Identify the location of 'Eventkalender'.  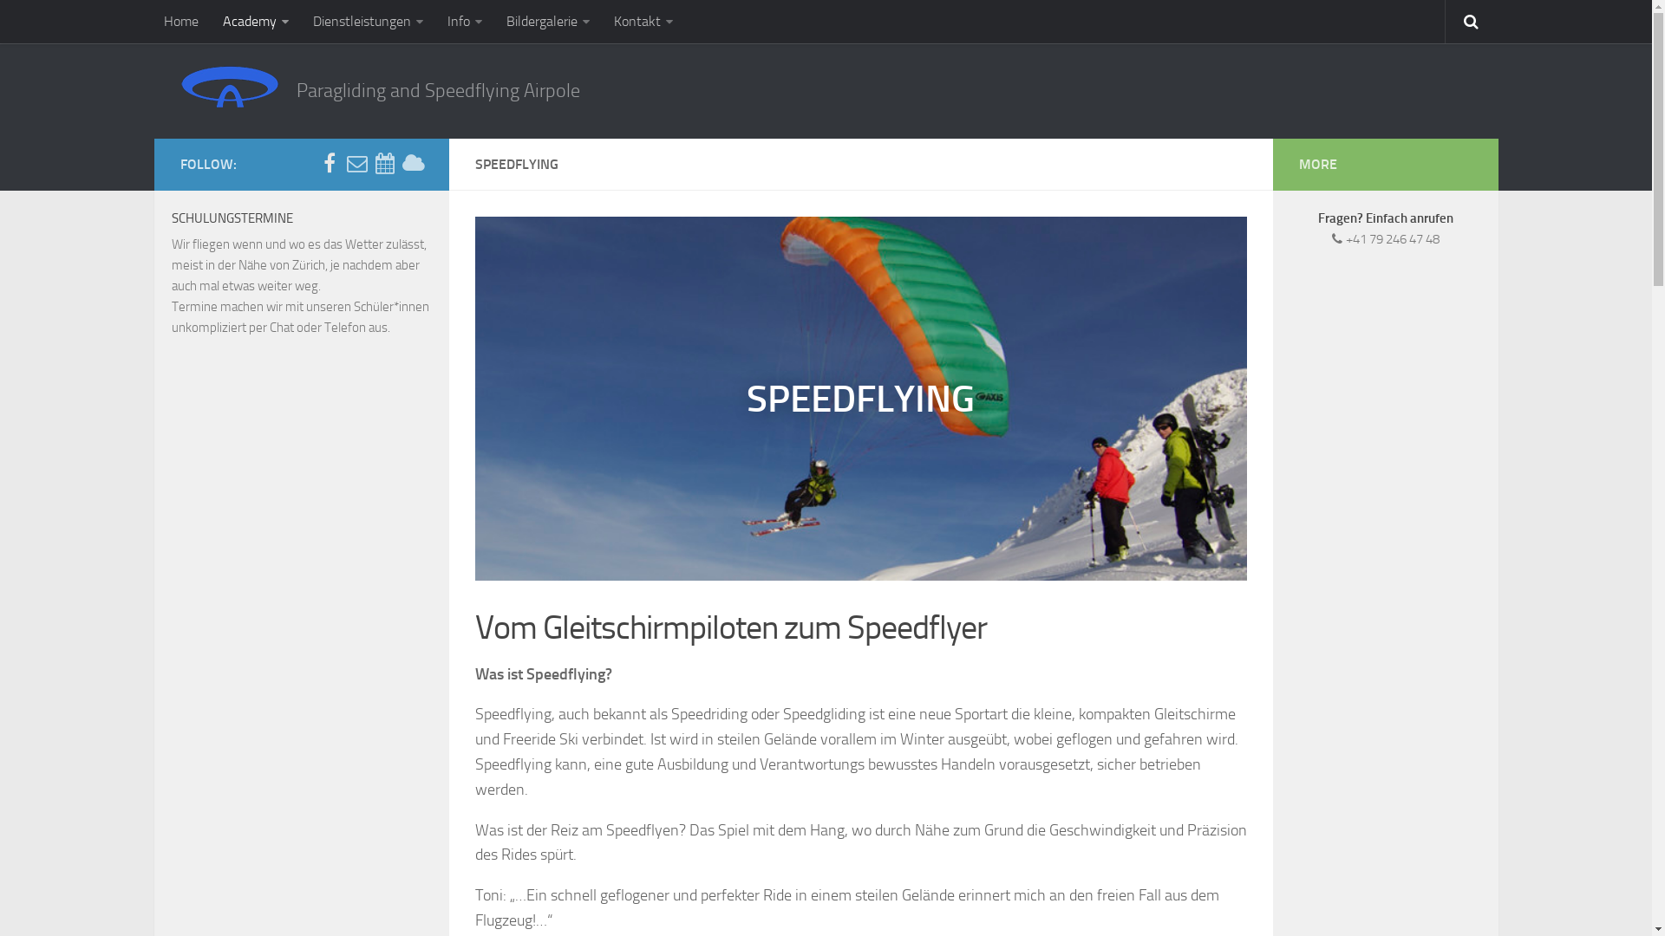
(384, 164).